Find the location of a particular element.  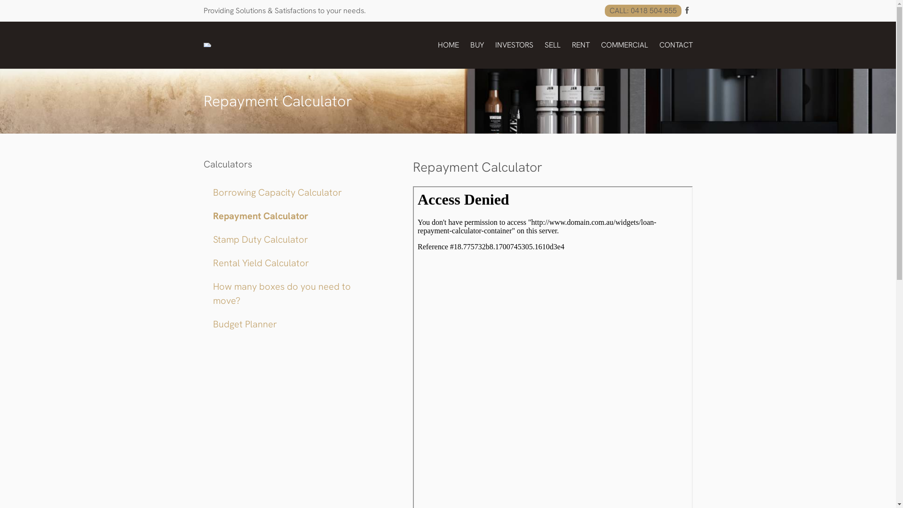

'COMMERCIAL' is located at coordinates (600, 45).